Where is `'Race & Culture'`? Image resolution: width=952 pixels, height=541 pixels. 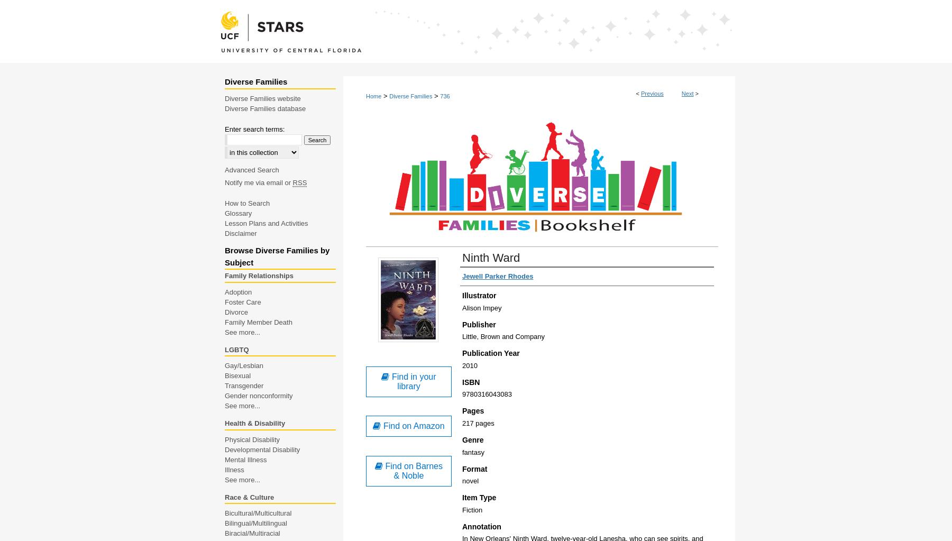
'Race & Culture' is located at coordinates (249, 496).